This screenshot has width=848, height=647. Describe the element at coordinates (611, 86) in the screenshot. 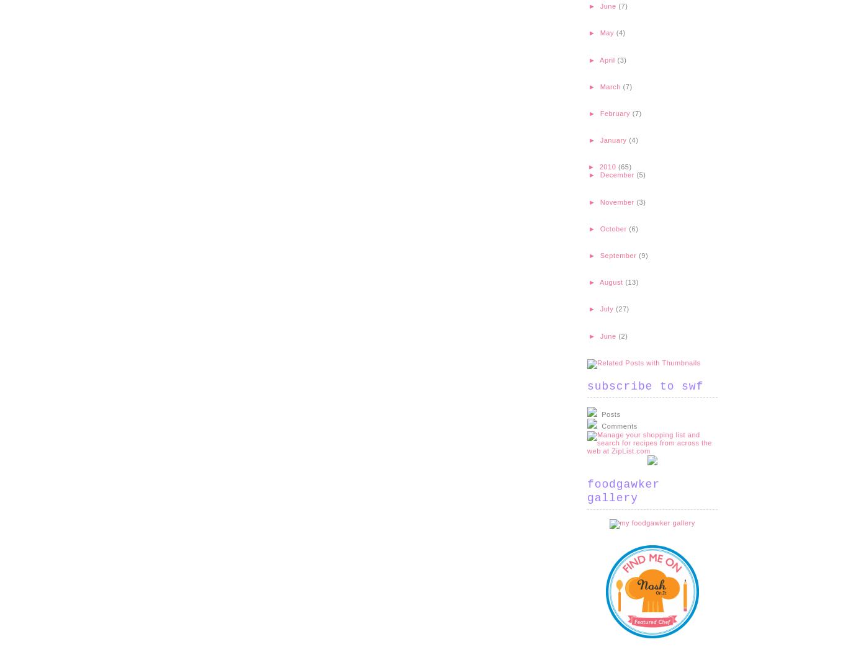

I see `'March'` at that location.